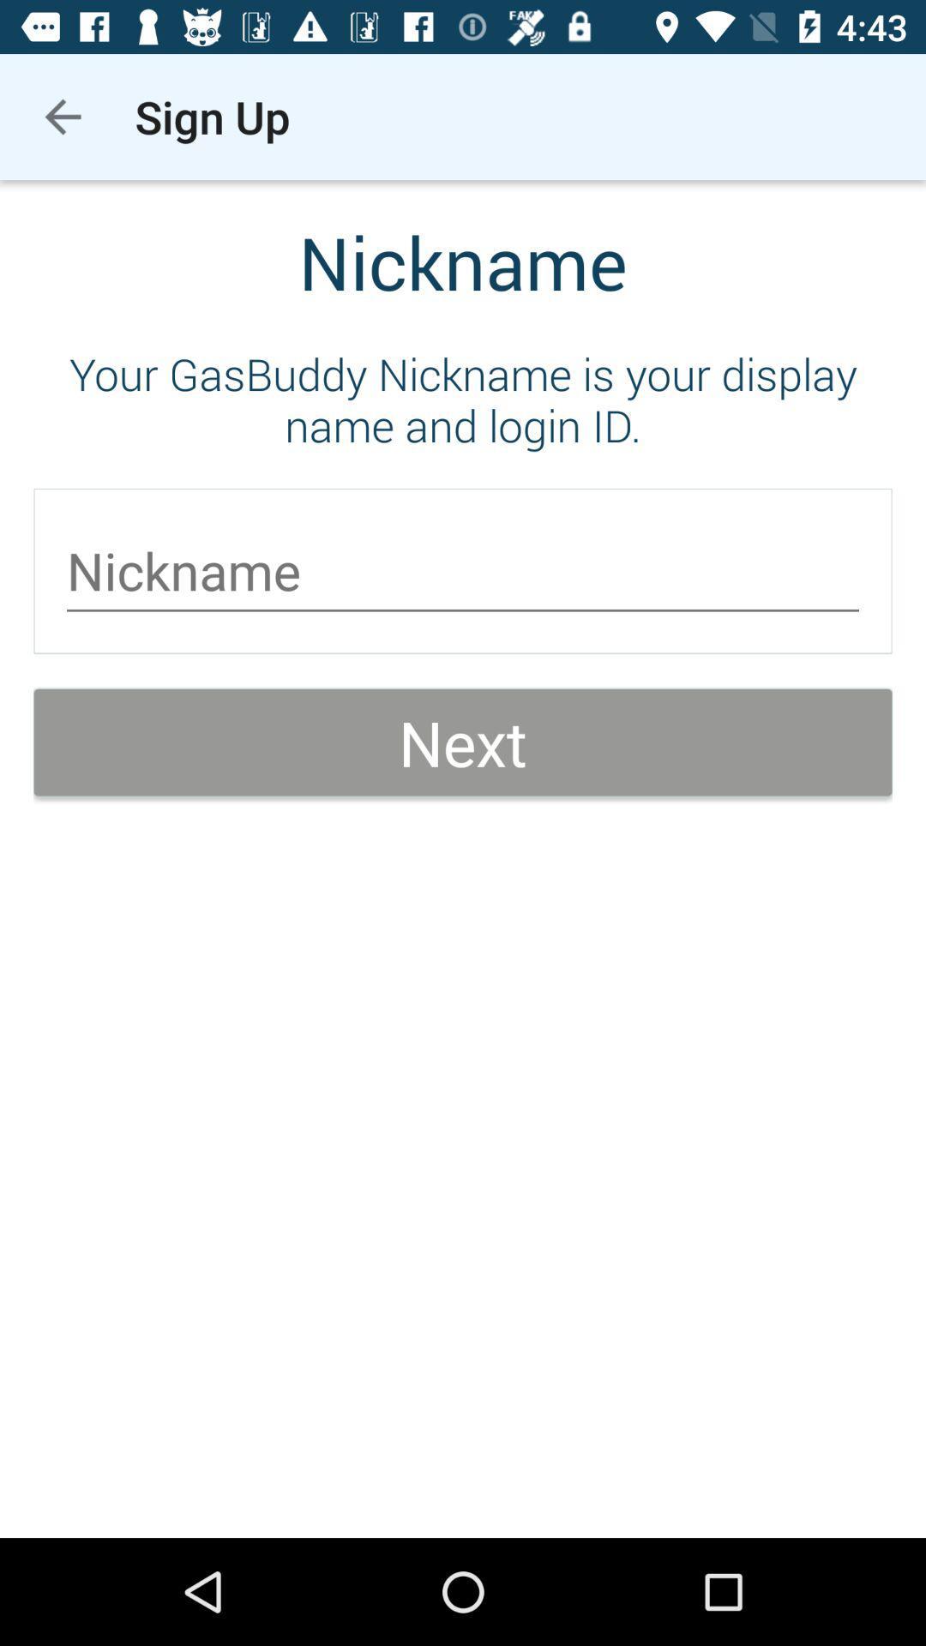  What do you see at coordinates (62, 116) in the screenshot?
I see `app next to the sign up icon` at bounding box center [62, 116].